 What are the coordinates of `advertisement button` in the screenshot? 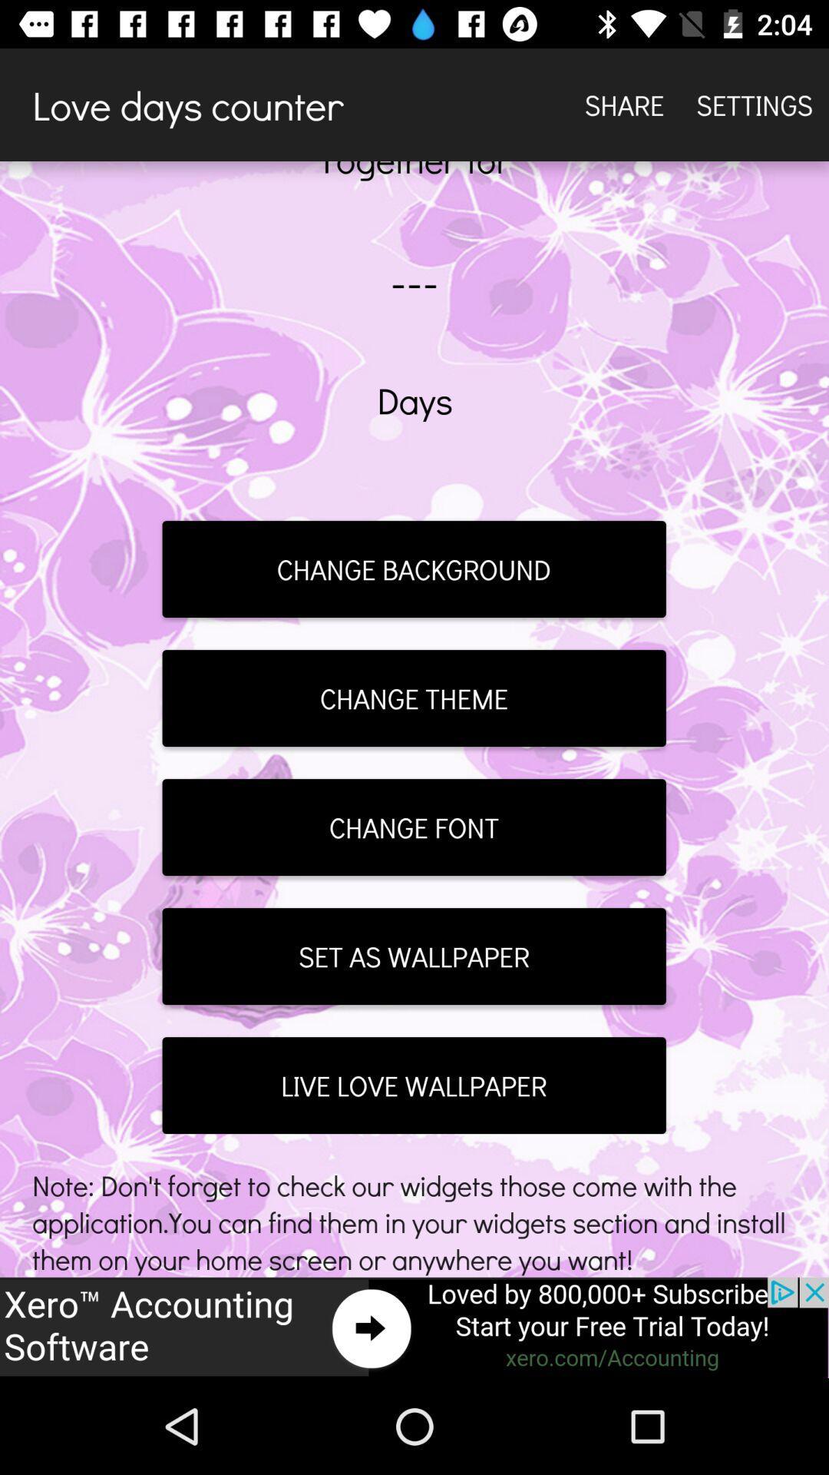 It's located at (414, 1327).